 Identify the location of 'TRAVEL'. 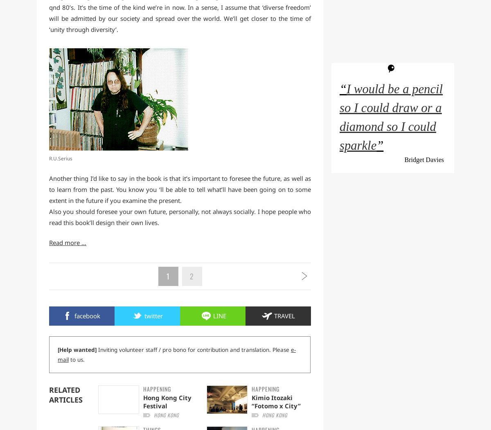
(284, 315).